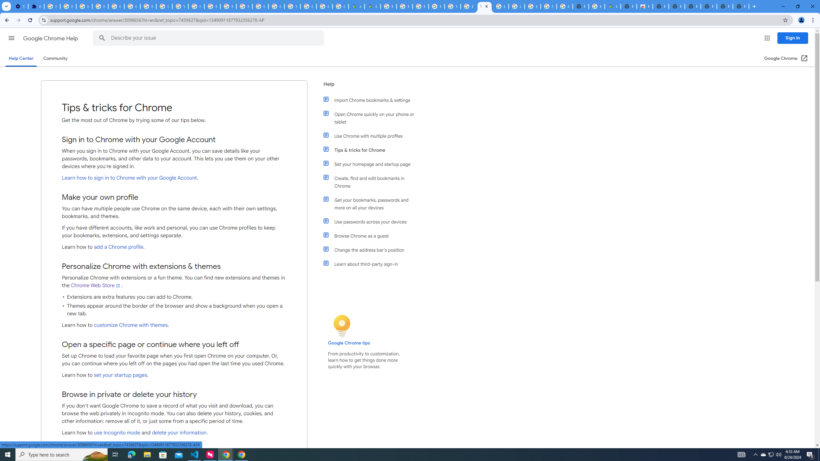  What do you see at coordinates (372, 264) in the screenshot?
I see `'Learn about third-party sign-in'` at bounding box center [372, 264].